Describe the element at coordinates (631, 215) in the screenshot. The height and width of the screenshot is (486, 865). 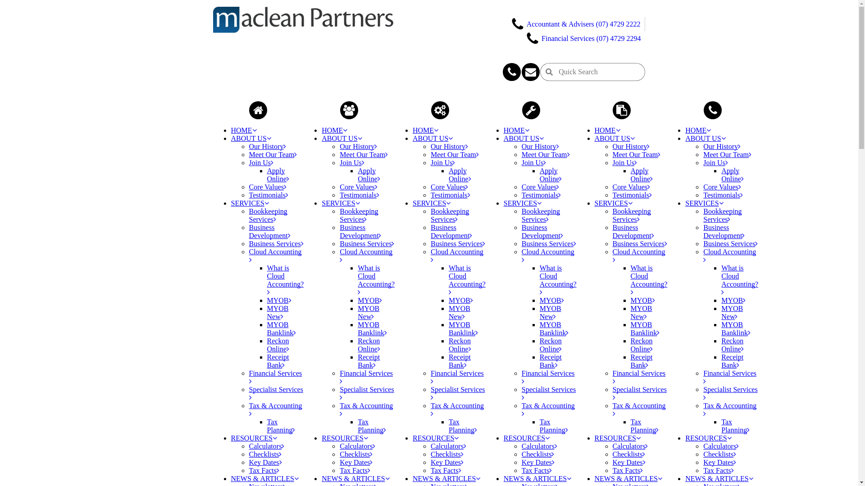
I see `'Bookkeeping Services'` at that location.